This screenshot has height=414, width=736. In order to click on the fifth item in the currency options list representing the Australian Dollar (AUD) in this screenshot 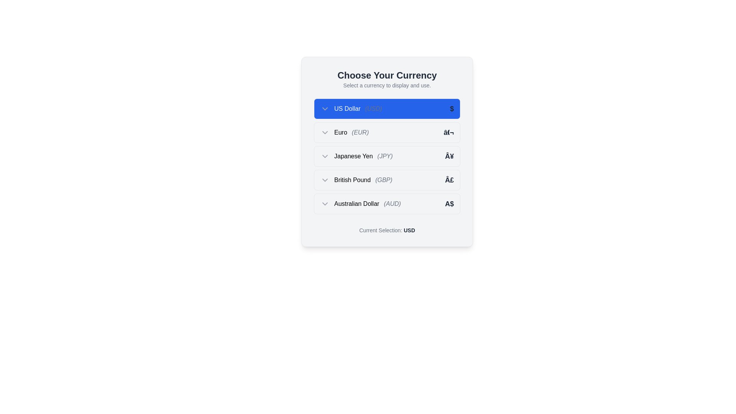, I will do `click(387, 204)`.